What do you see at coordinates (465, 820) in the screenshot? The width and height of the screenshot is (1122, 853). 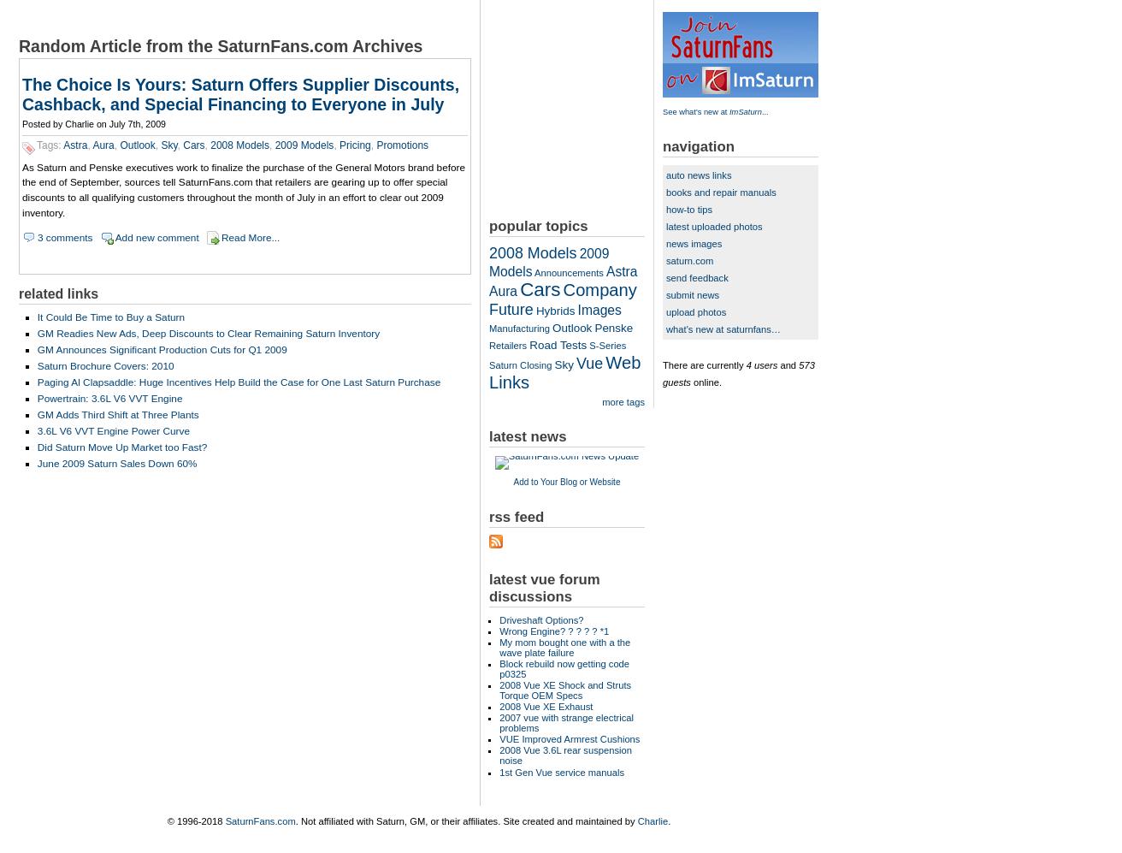 I see `'. Not affiliated with Saturn, GM, or their affiliates. Site created and maintained by'` at bounding box center [465, 820].